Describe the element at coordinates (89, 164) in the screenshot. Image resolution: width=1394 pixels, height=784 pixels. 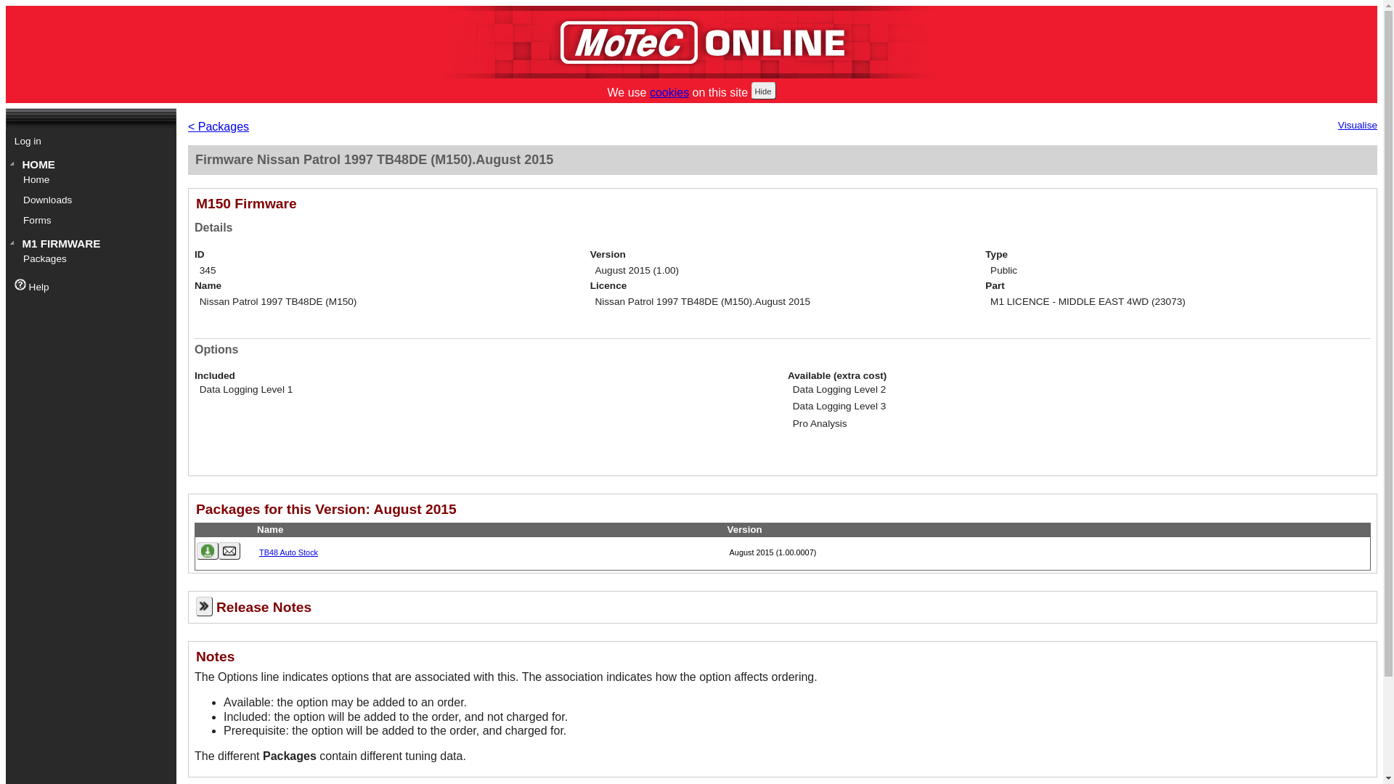
I see `'HOME'` at that location.